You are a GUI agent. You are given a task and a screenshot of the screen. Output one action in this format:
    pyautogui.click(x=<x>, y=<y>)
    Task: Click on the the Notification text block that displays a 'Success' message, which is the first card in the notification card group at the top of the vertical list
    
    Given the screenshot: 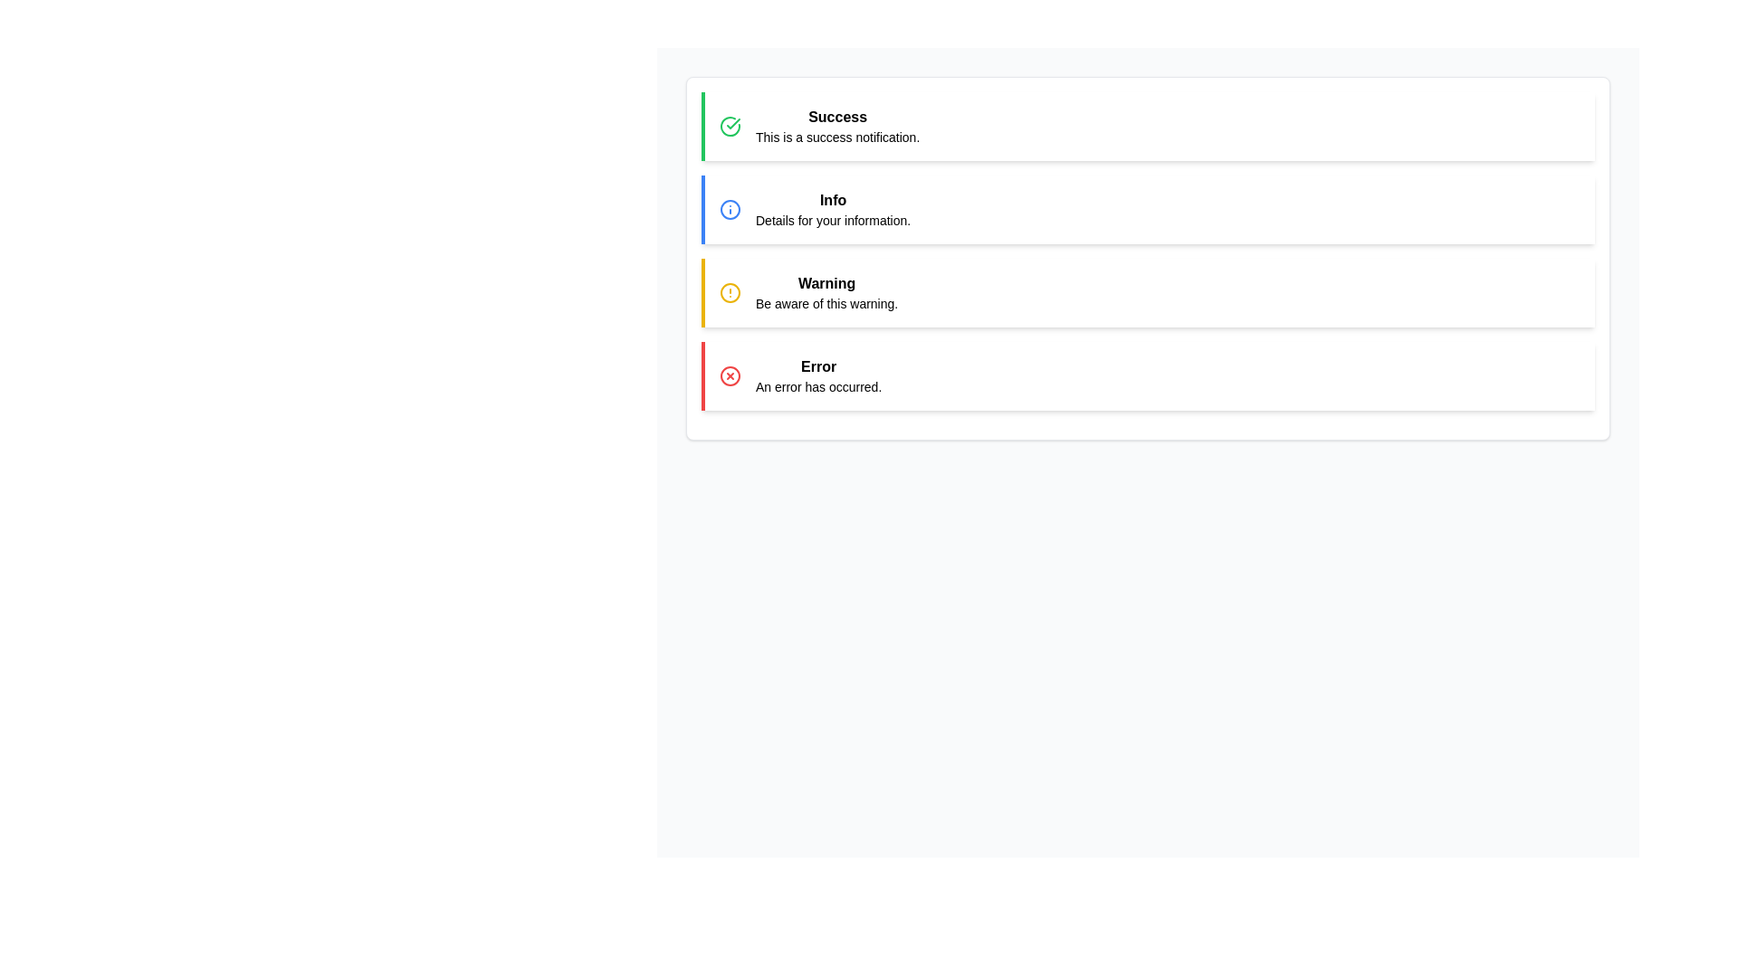 What is the action you would take?
    pyautogui.click(x=836, y=125)
    